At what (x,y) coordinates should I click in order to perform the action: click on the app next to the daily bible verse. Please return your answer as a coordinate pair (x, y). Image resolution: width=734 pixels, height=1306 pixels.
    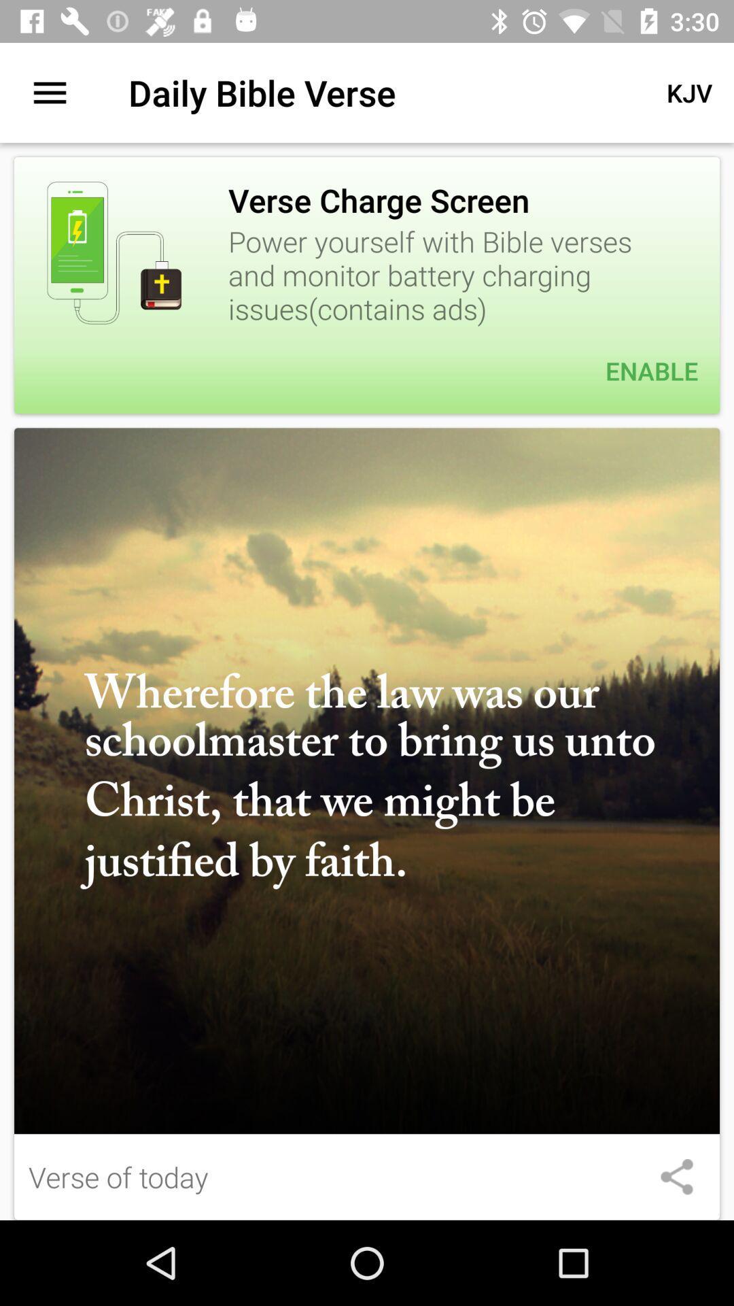
    Looking at the image, I should click on (49, 92).